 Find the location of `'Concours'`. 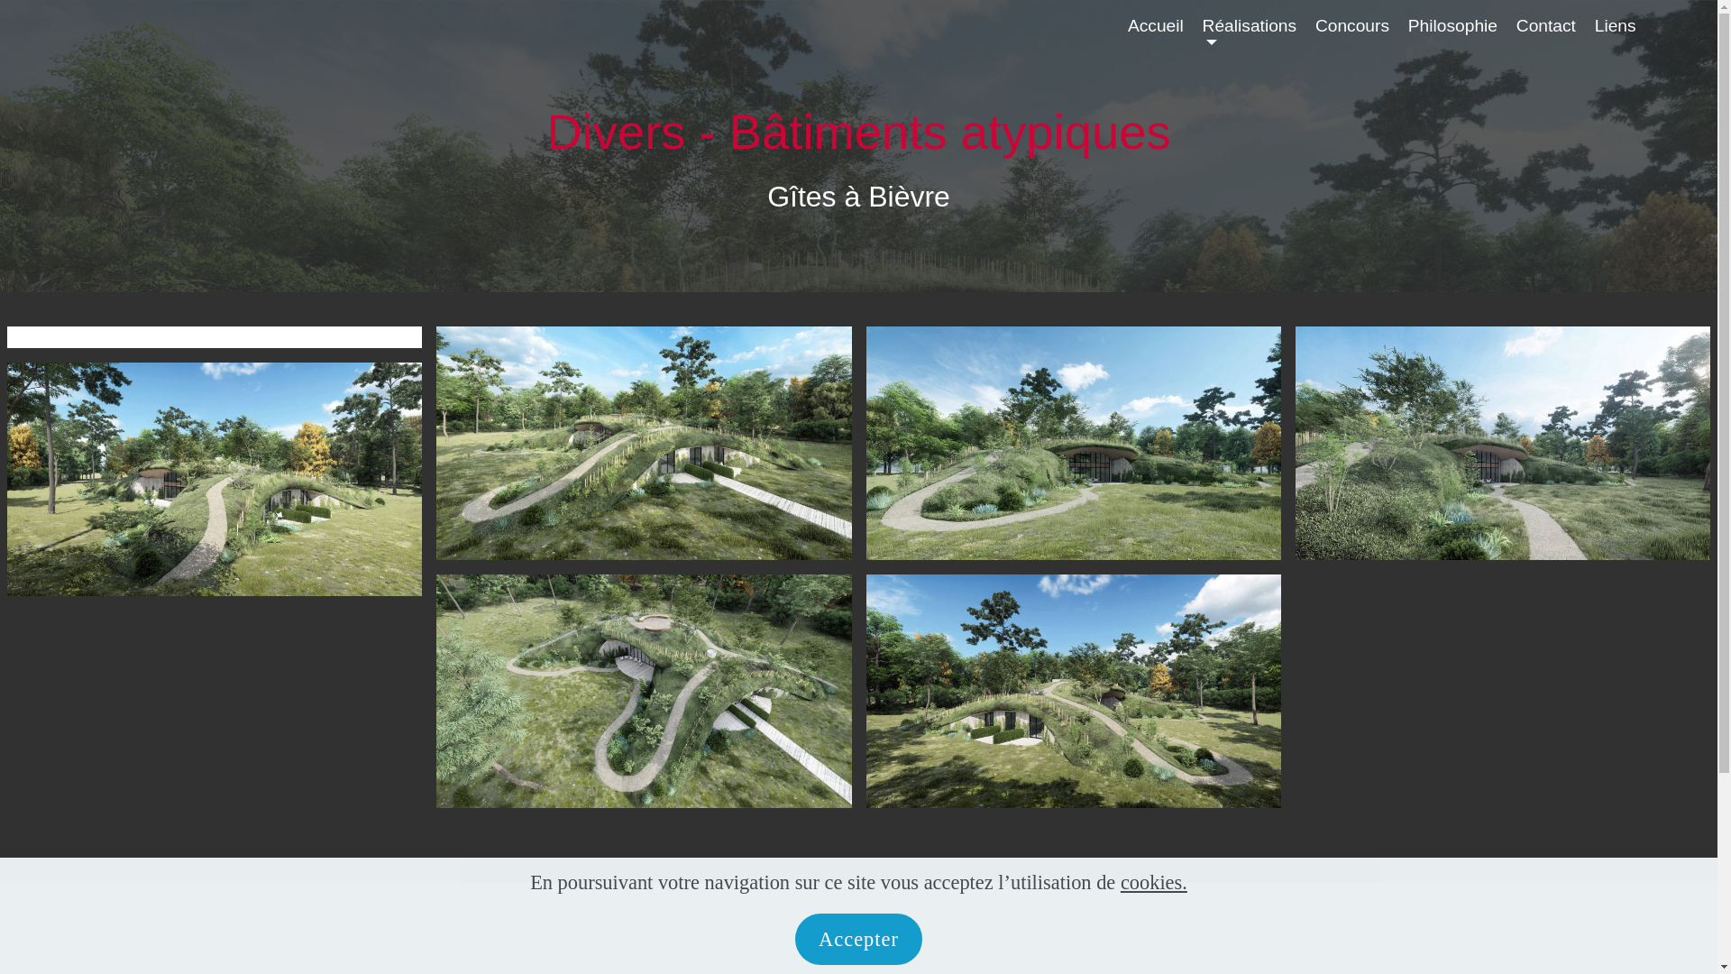

'Concours' is located at coordinates (1351, 34).